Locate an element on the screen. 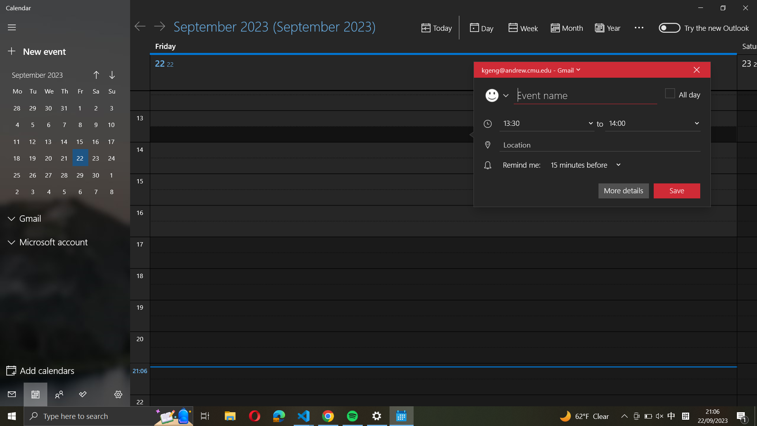 Image resolution: width=757 pixels, height=426 pixels. Specify "New York" as event location is located at coordinates (598, 144).